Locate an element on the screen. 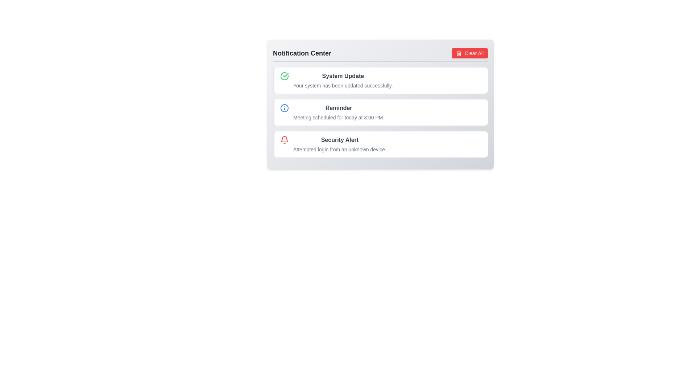  the trash bin icon located to the left of the 'Clear All' text in the button at the top-right corner of the notification panel is located at coordinates (458, 53).